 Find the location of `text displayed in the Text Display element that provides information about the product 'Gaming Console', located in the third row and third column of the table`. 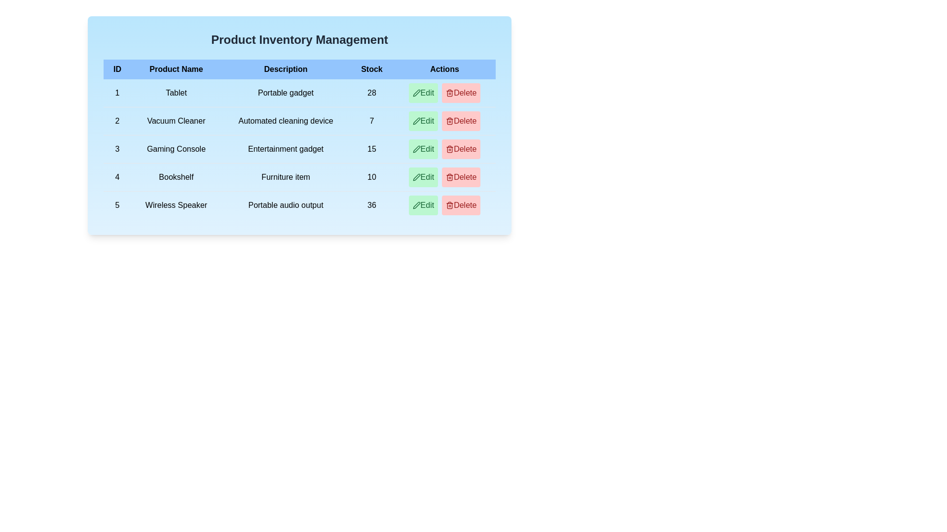

text displayed in the Text Display element that provides information about the product 'Gaming Console', located in the third row and third column of the table is located at coordinates (285, 149).